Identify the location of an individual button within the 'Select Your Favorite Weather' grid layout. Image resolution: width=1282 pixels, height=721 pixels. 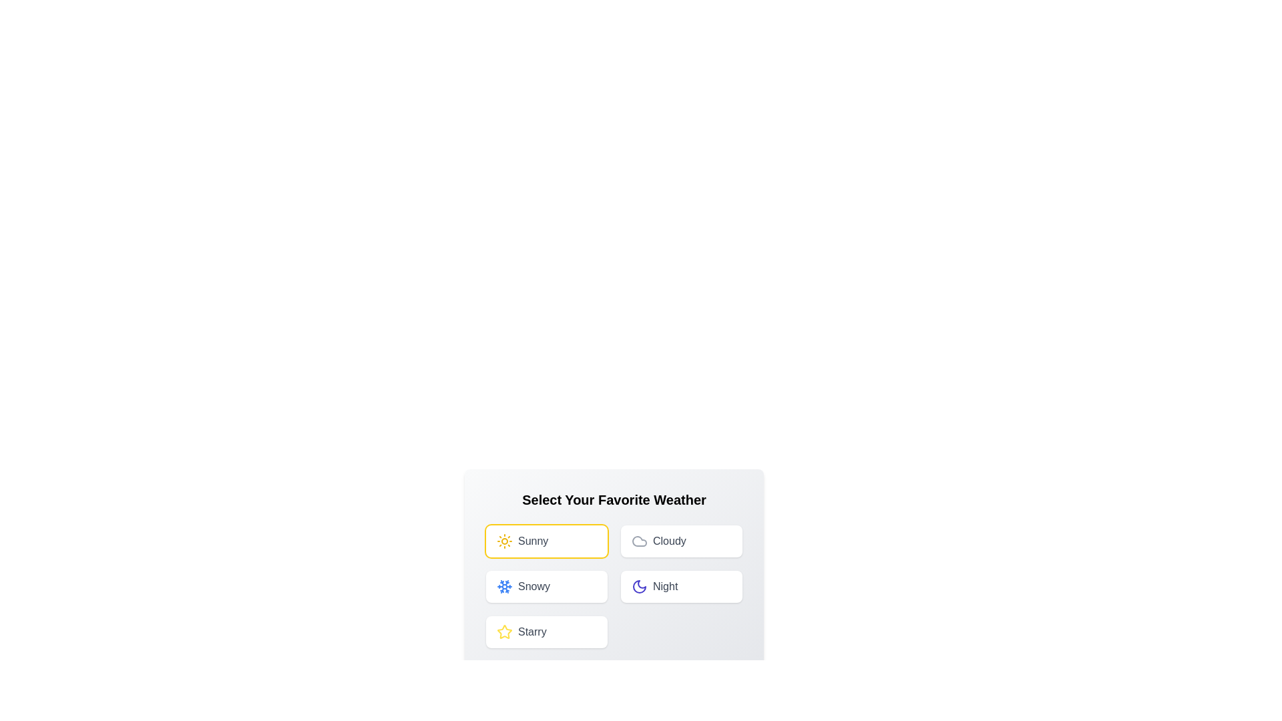
(614, 586).